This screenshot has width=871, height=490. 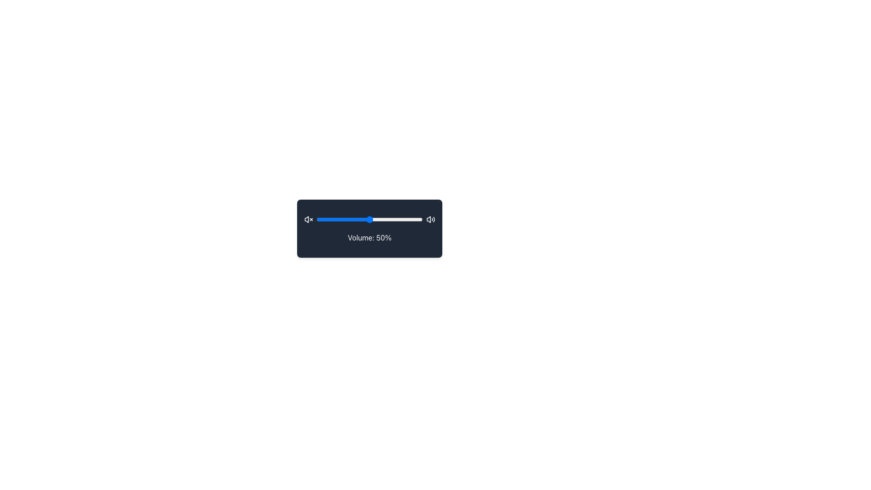 What do you see at coordinates (308, 219) in the screenshot?
I see `the mute icon button featuring a speaker with an 'X' mark` at bounding box center [308, 219].